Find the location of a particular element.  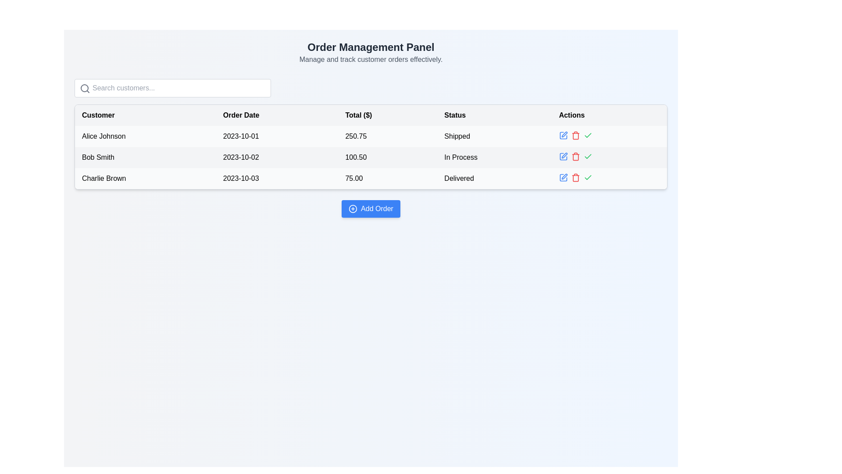

the deletion icon located in the 'Actions' column of the last row in the table is located at coordinates (575, 178).